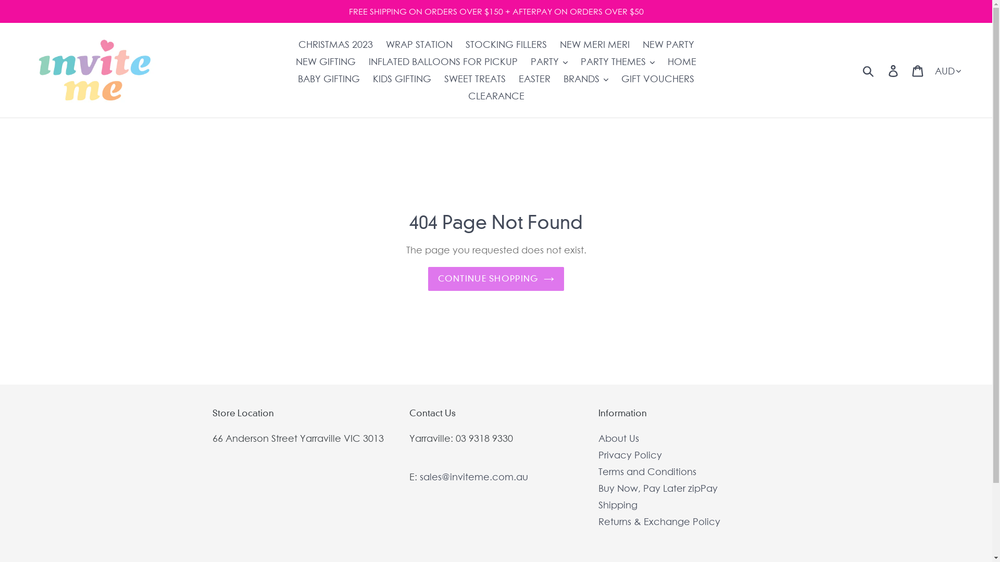 This screenshot has width=1000, height=562. What do you see at coordinates (598, 488) in the screenshot?
I see `'Buy Now, Pay Later zipPay'` at bounding box center [598, 488].